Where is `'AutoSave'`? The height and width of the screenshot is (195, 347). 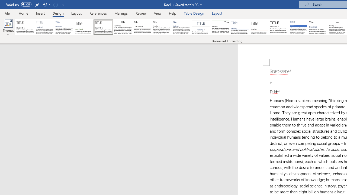 'AutoSave' is located at coordinates (18, 4).